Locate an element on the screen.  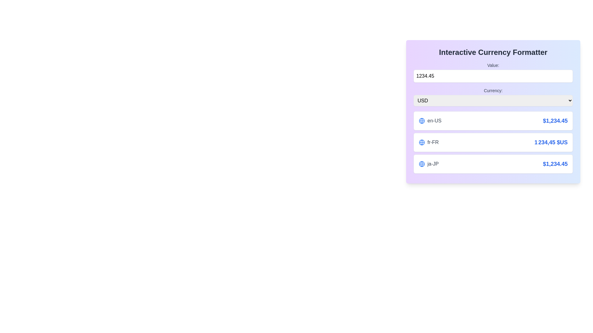
displayed text from the language label 'English (United States)' located in the 'Interactive Currency Formatter' section, to the right of the globe icon is located at coordinates (434, 121).